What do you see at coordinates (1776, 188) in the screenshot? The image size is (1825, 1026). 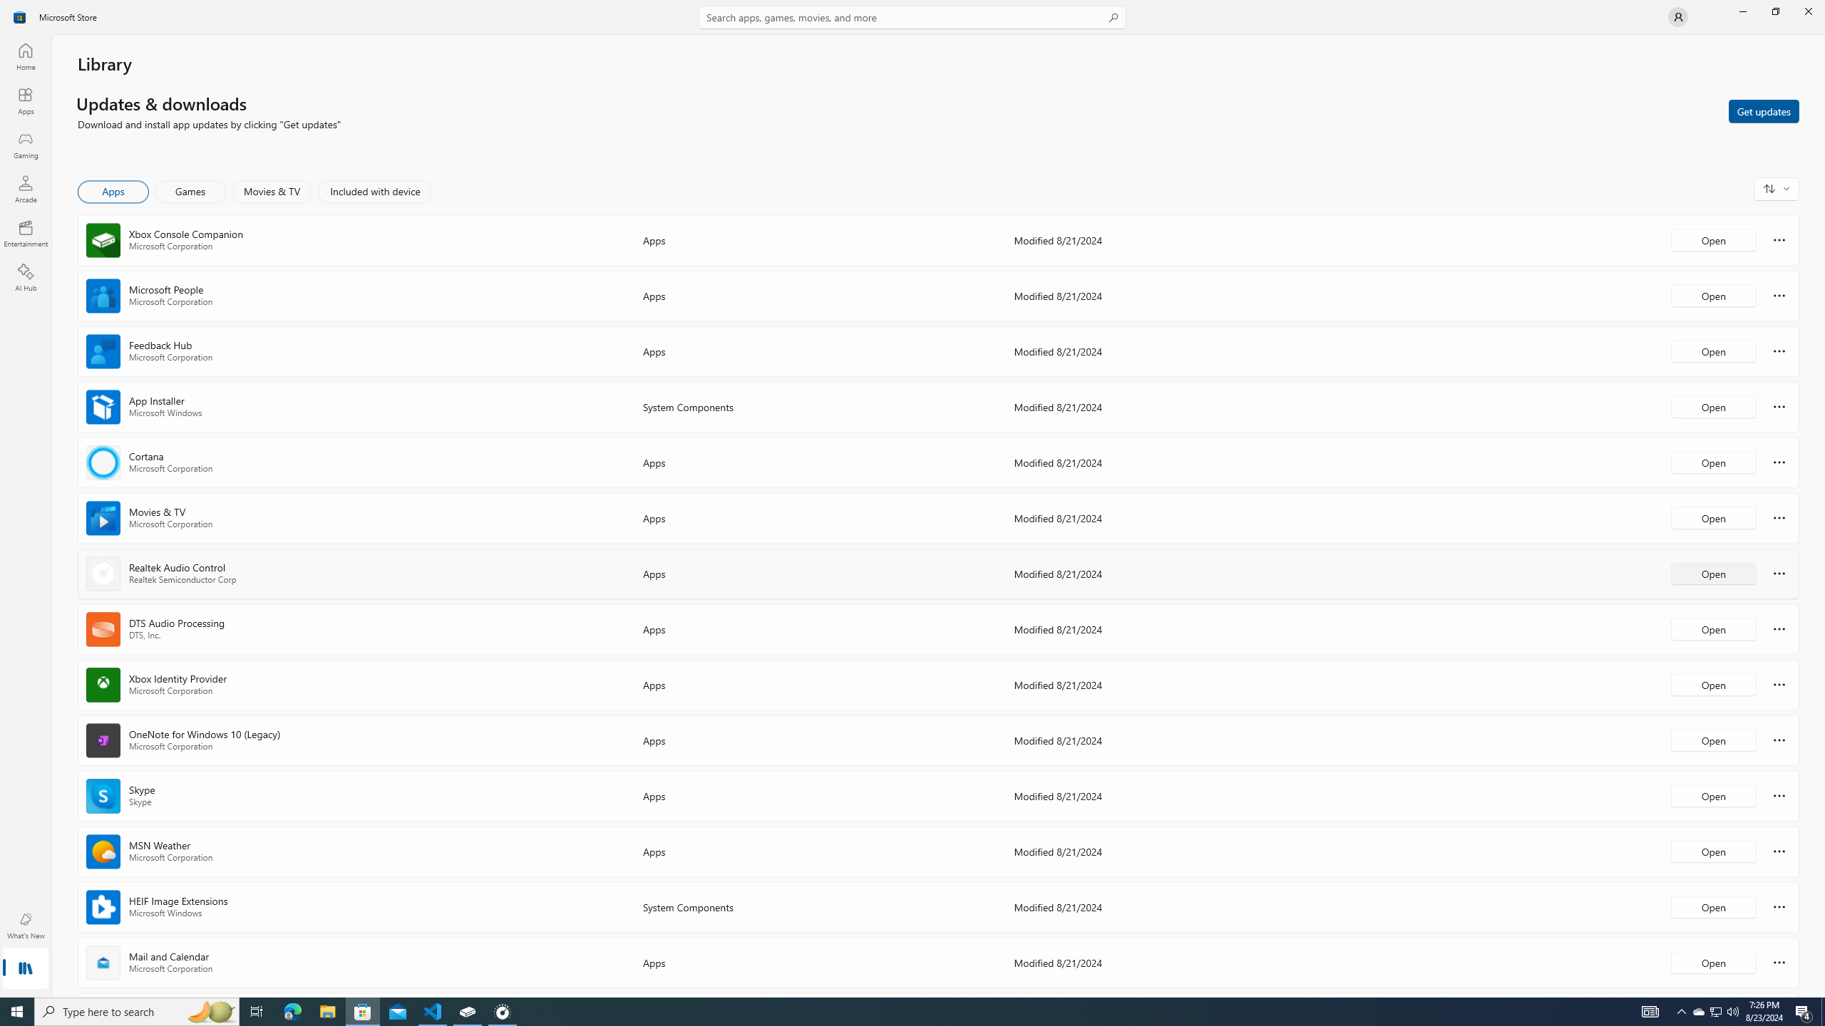 I see `'Sort and filter'` at bounding box center [1776, 188].